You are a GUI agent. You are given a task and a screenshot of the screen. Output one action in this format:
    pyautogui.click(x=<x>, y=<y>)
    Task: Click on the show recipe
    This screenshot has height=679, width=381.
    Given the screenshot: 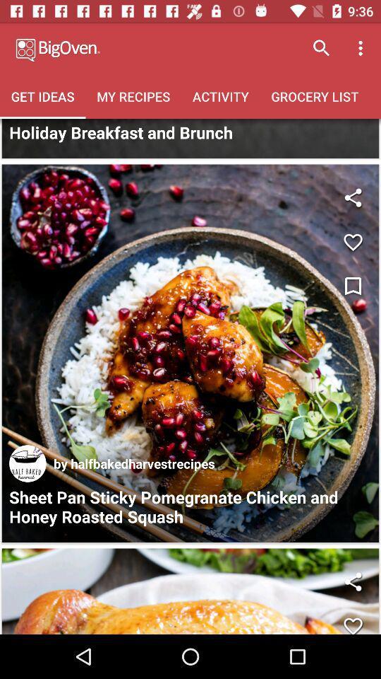 What is the action you would take?
    pyautogui.click(x=190, y=591)
    